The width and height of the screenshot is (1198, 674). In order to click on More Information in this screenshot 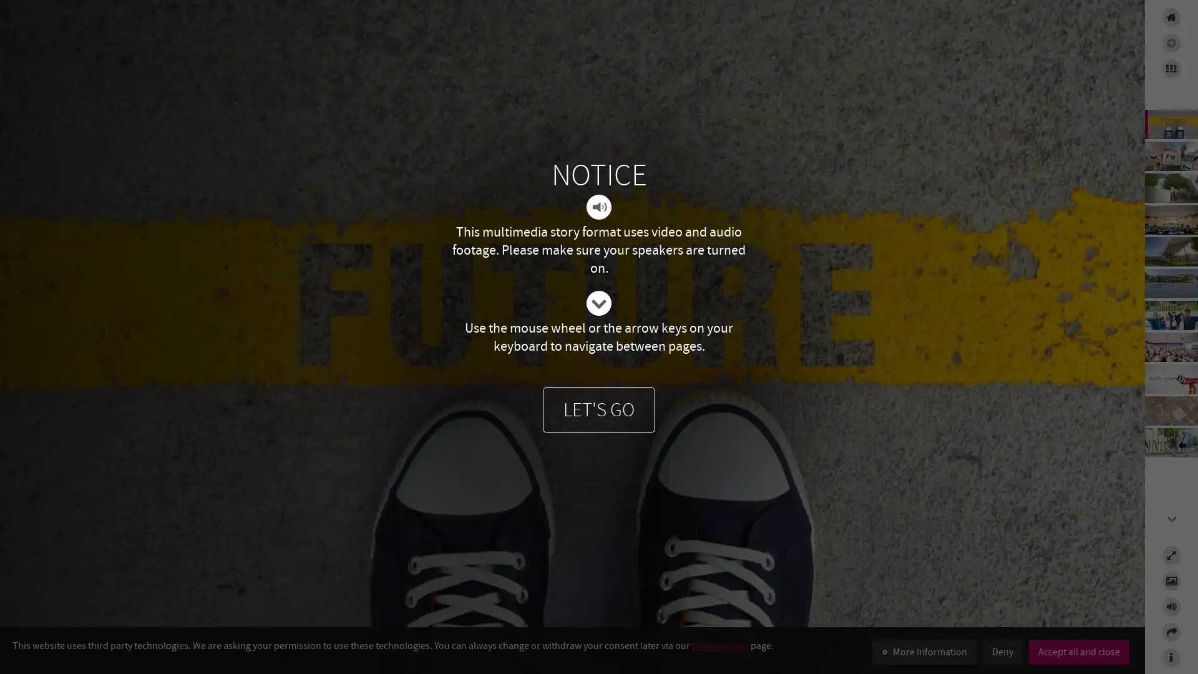, I will do `click(924, 652)`.